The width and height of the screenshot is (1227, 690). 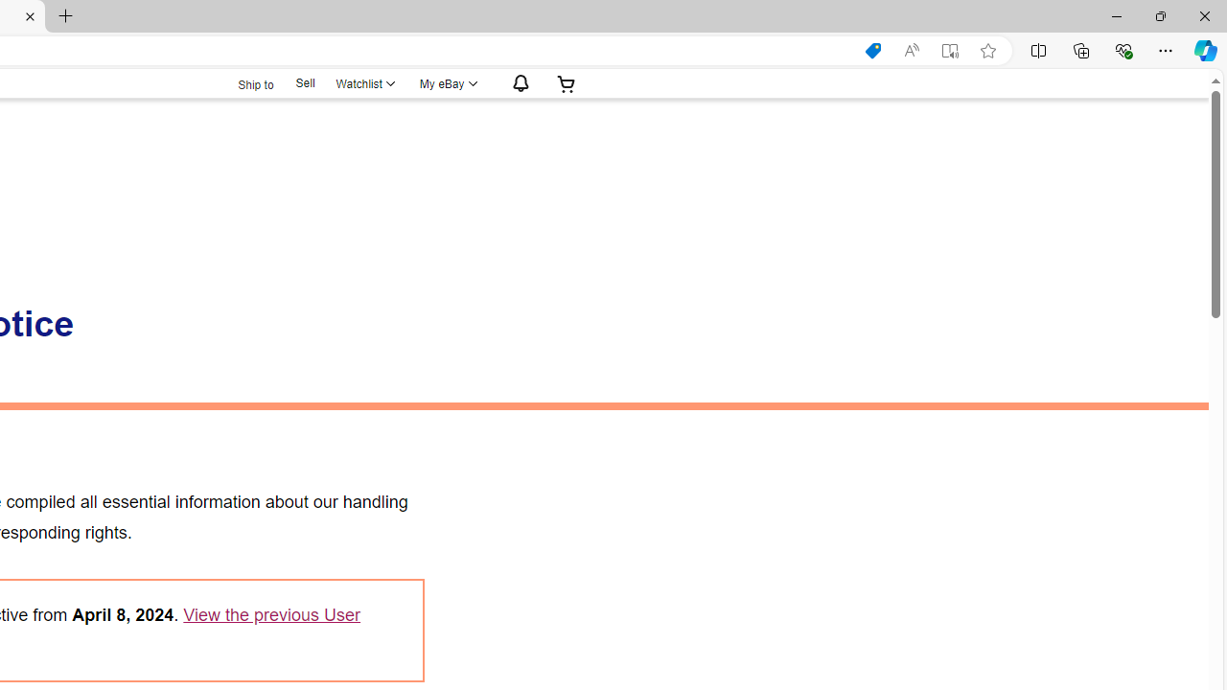 I want to click on 'My eBayExpand My eBay', so click(x=446, y=82).